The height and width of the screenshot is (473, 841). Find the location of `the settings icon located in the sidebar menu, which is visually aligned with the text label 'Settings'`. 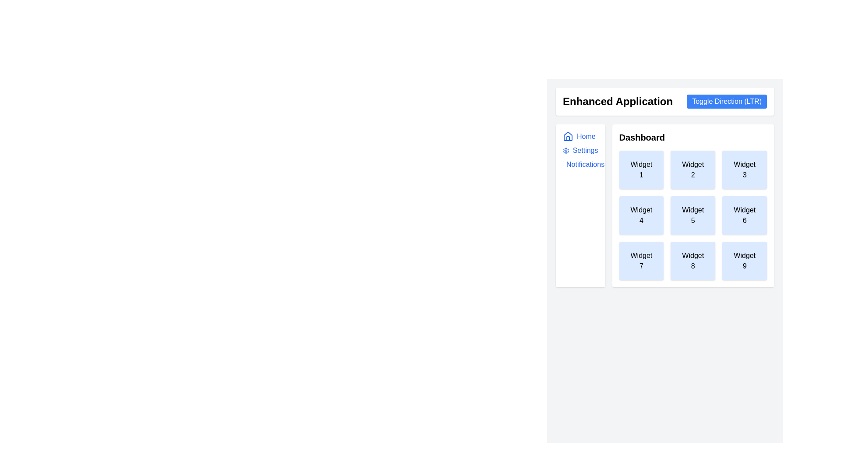

the settings icon located in the sidebar menu, which is visually aligned with the text label 'Settings' is located at coordinates (566, 150).